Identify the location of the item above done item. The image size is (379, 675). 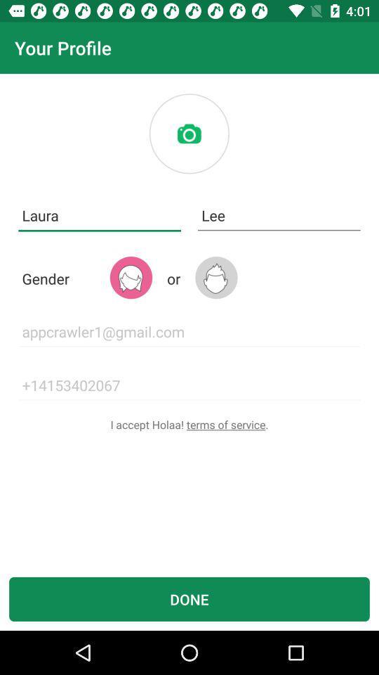
(189, 423).